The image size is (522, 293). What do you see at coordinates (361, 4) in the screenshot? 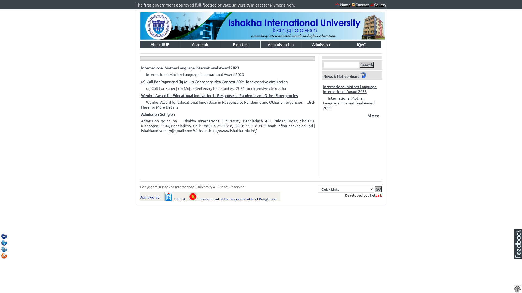
I see `'Contact'` at bounding box center [361, 4].